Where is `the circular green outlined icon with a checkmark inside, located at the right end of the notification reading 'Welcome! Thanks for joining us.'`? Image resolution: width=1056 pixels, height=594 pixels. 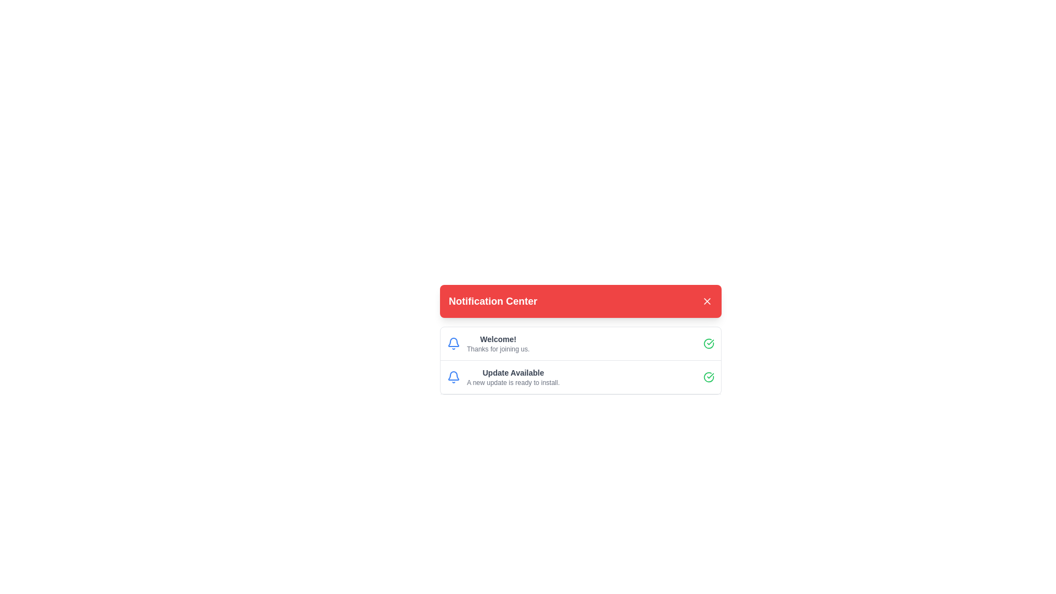
the circular green outlined icon with a checkmark inside, located at the right end of the notification reading 'Welcome! Thanks for joining us.' is located at coordinates (709, 343).